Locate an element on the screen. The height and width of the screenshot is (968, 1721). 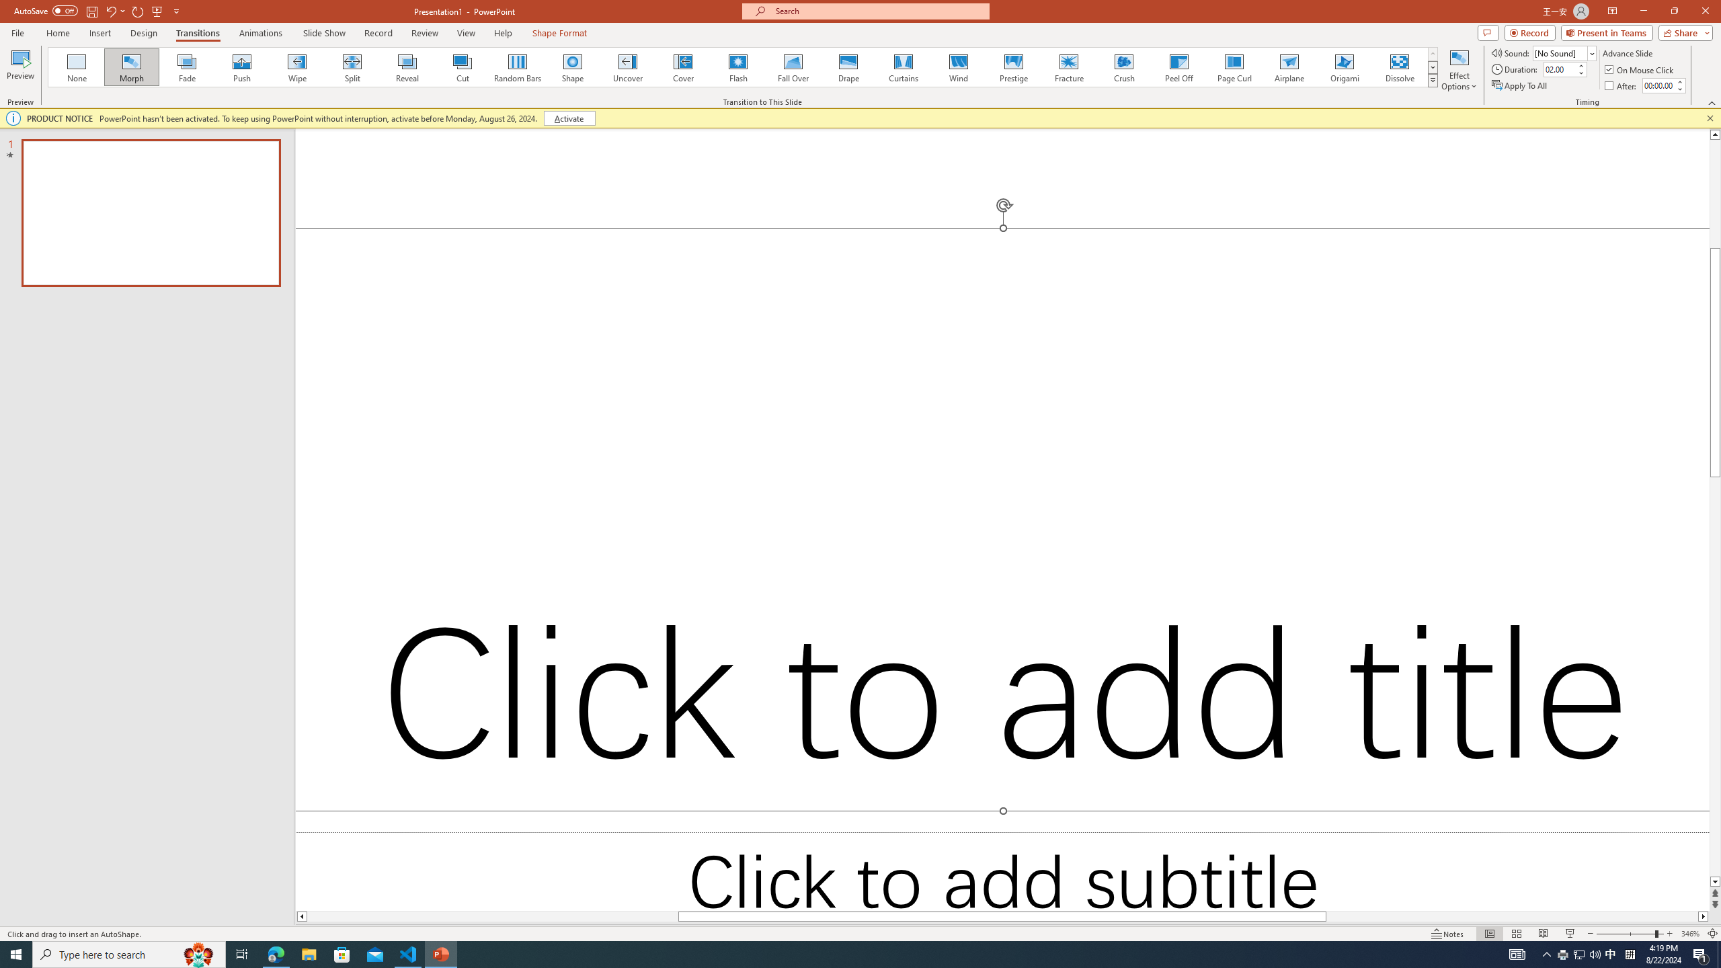
'Sound' is located at coordinates (1564, 52).